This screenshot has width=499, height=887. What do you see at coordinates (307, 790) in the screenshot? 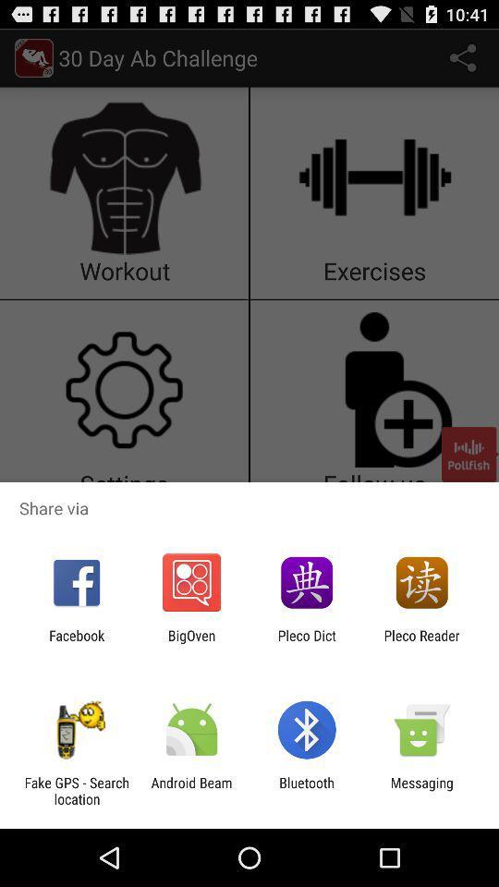
I see `the bluetooth icon` at bounding box center [307, 790].